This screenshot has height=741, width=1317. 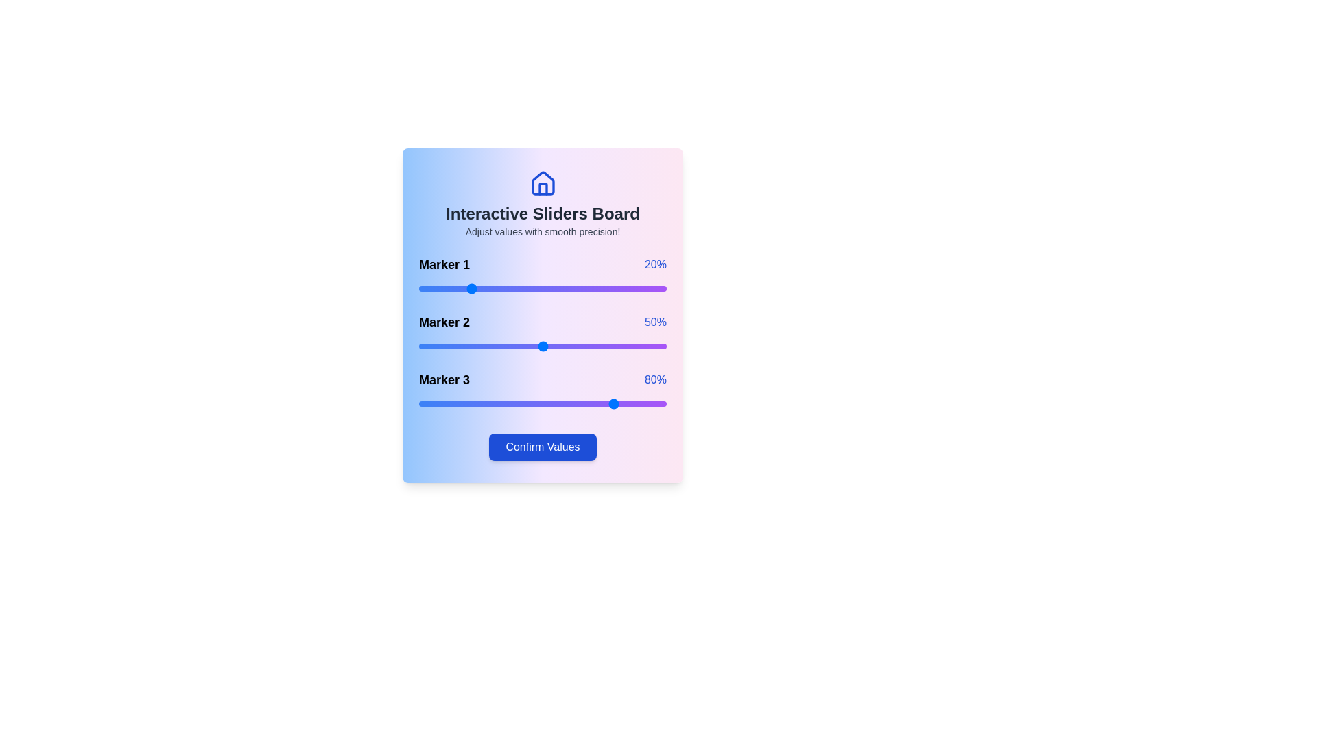 I want to click on the 'Confirm Values' button to confirm the selected slider values, so click(x=542, y=447).